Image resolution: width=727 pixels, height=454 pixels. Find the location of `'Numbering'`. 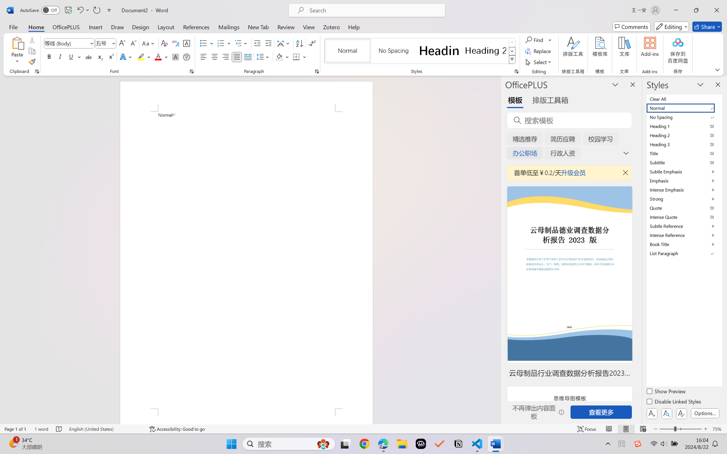

'Numbering' is located at coordinates (224, 43).